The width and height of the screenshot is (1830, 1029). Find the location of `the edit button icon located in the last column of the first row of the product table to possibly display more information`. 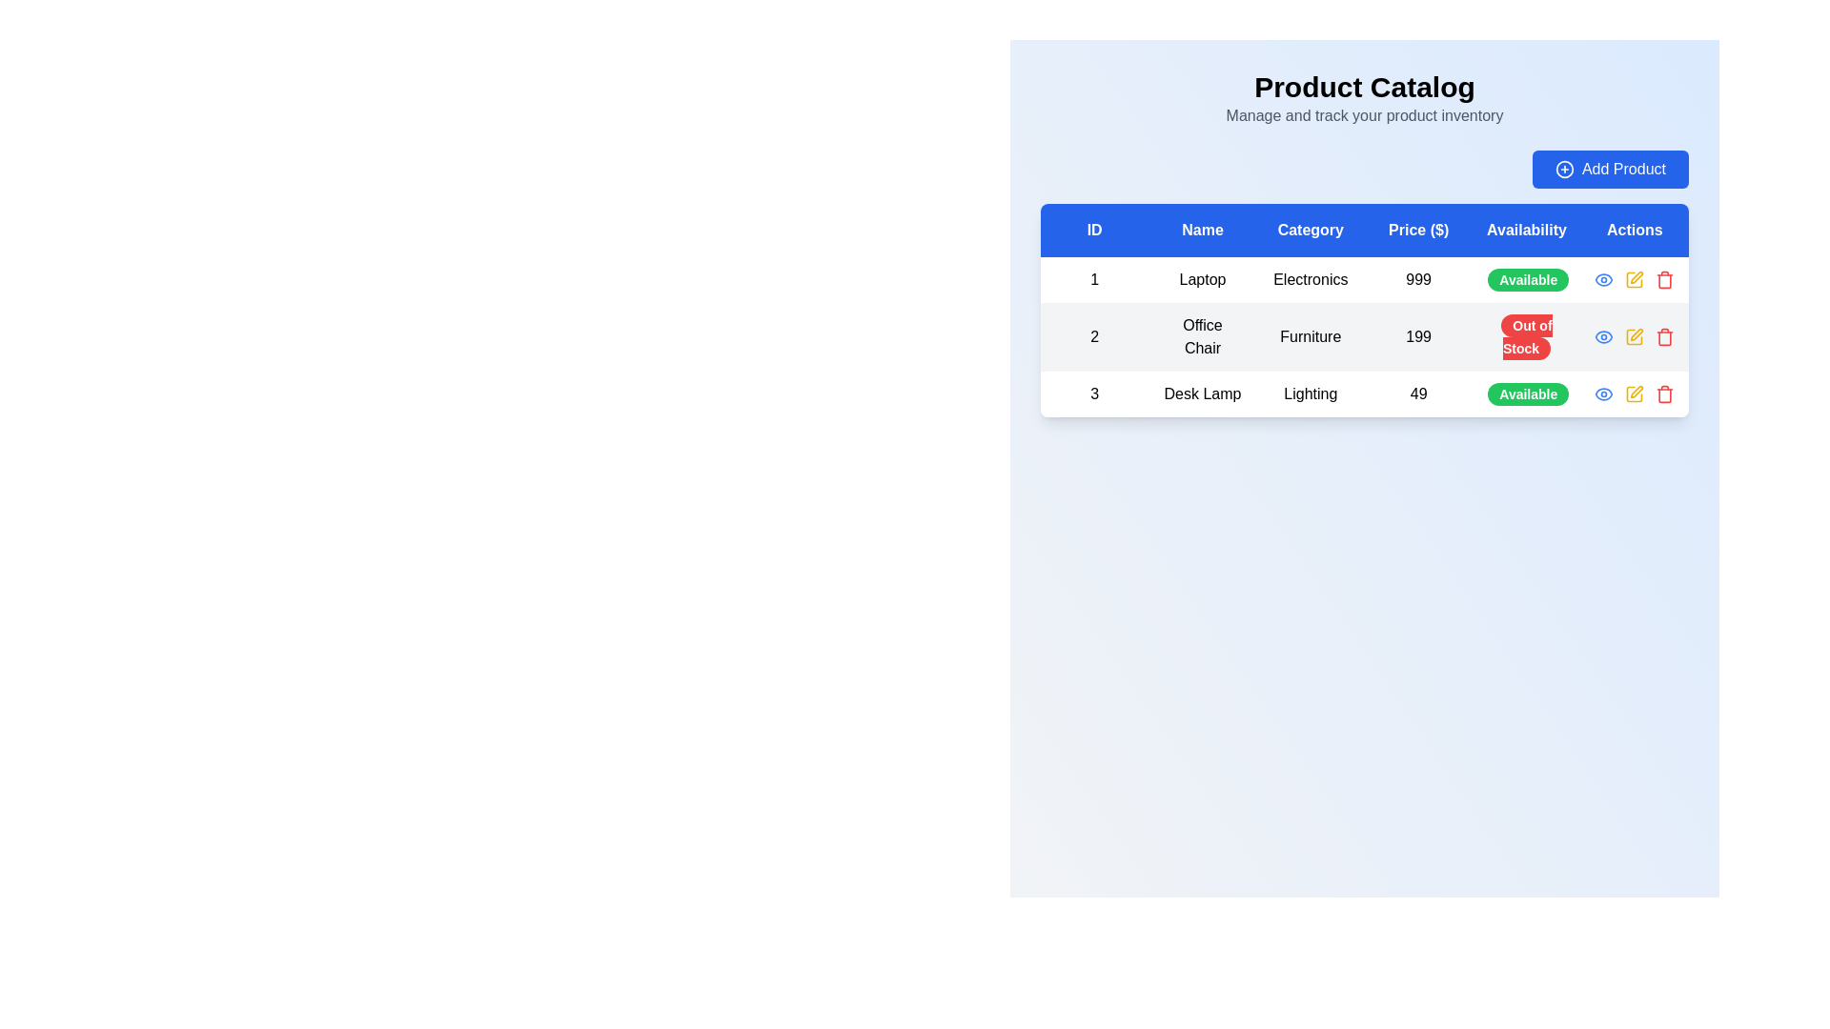

the edit button icon located in the last column of the first row of the product table to possibly display more information is located at coordinates (1634, 279).